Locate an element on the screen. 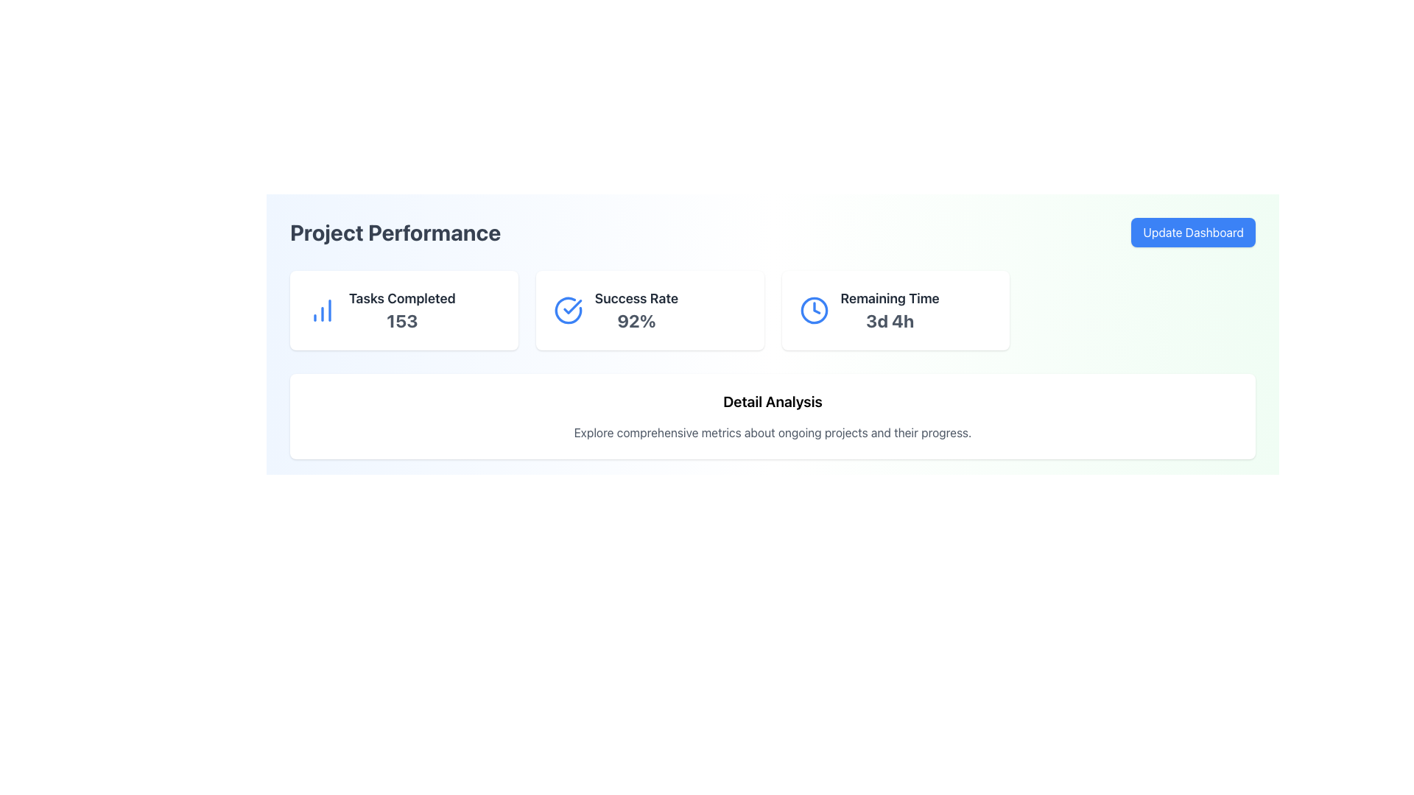 The height and width of the screenshot is (795, 1414). the Text Display element that shows the remaining time in days and hours for a task or event, located in the top-right corner of the card, next to the clock icon is located at coordinates (889, 309).